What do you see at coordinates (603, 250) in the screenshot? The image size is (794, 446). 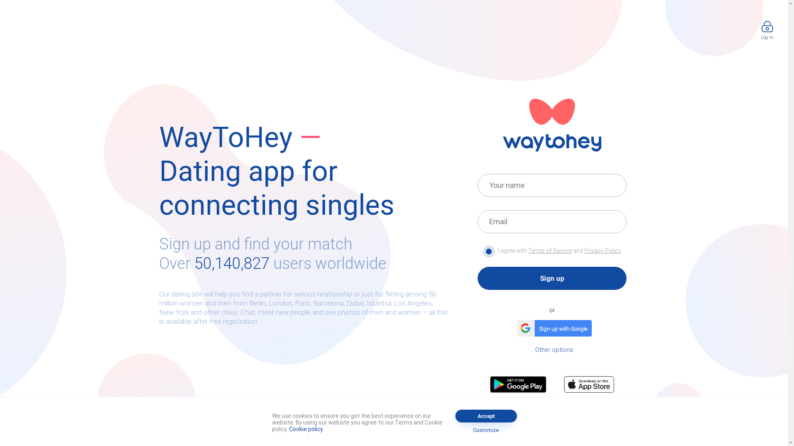 I see `'Privacy Policy'` at bounding box center [603, 250].